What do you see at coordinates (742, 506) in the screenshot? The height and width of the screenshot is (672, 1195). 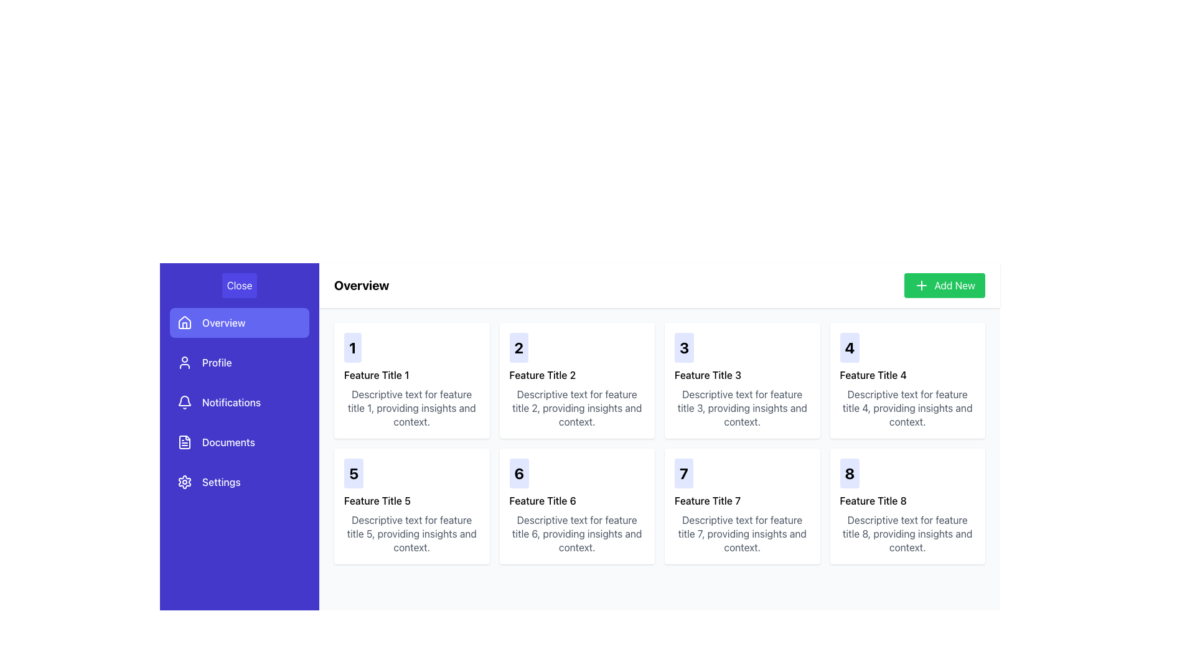 I see `title and description of the Information display card located in the third row, first column of the Overview section, positioned between 'Feature Title 6' and 'Feature Title 8'` at bounding box center [742, 506].